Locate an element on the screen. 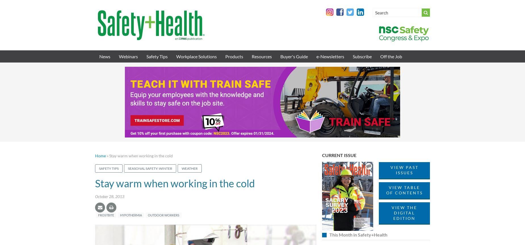 The image size is (525, 245). 'Products' is located at coordinates (234, 56).